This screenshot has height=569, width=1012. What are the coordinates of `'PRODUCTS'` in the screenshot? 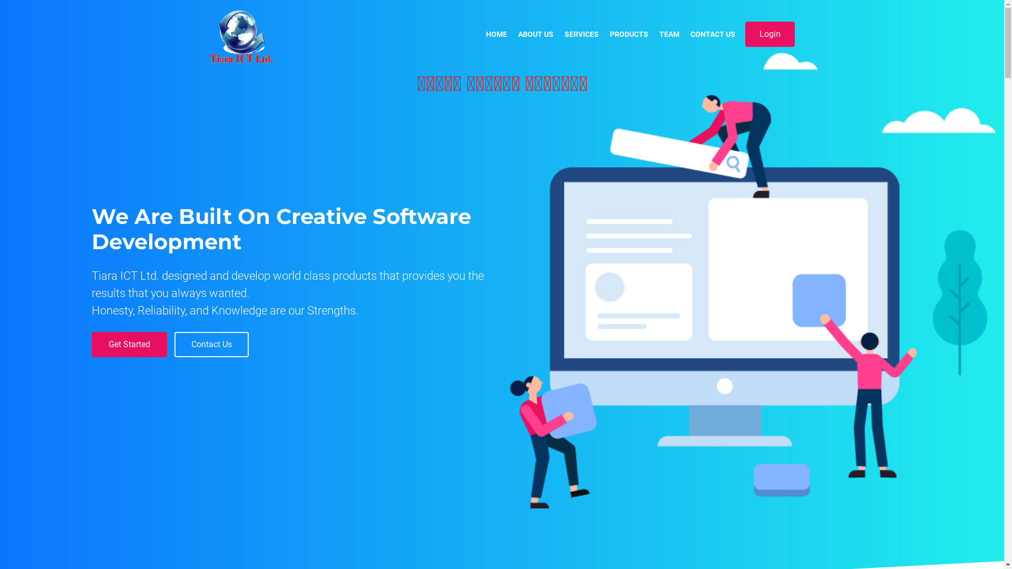 It's located at (609, 34).